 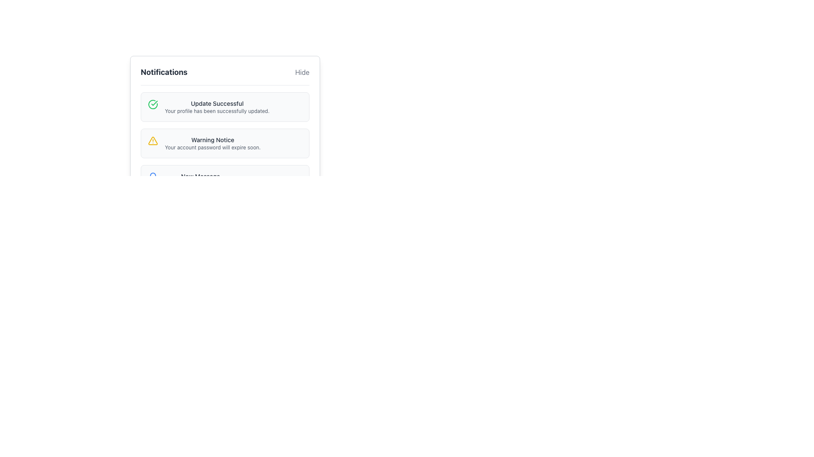 What do you see at coordinates (217, 110) in the screenshot?
I see `the static text component that reads 'Your profile has been successfully updated.', located under the header 'Update Successful' in the notification card` at bounding box center [217, 110].